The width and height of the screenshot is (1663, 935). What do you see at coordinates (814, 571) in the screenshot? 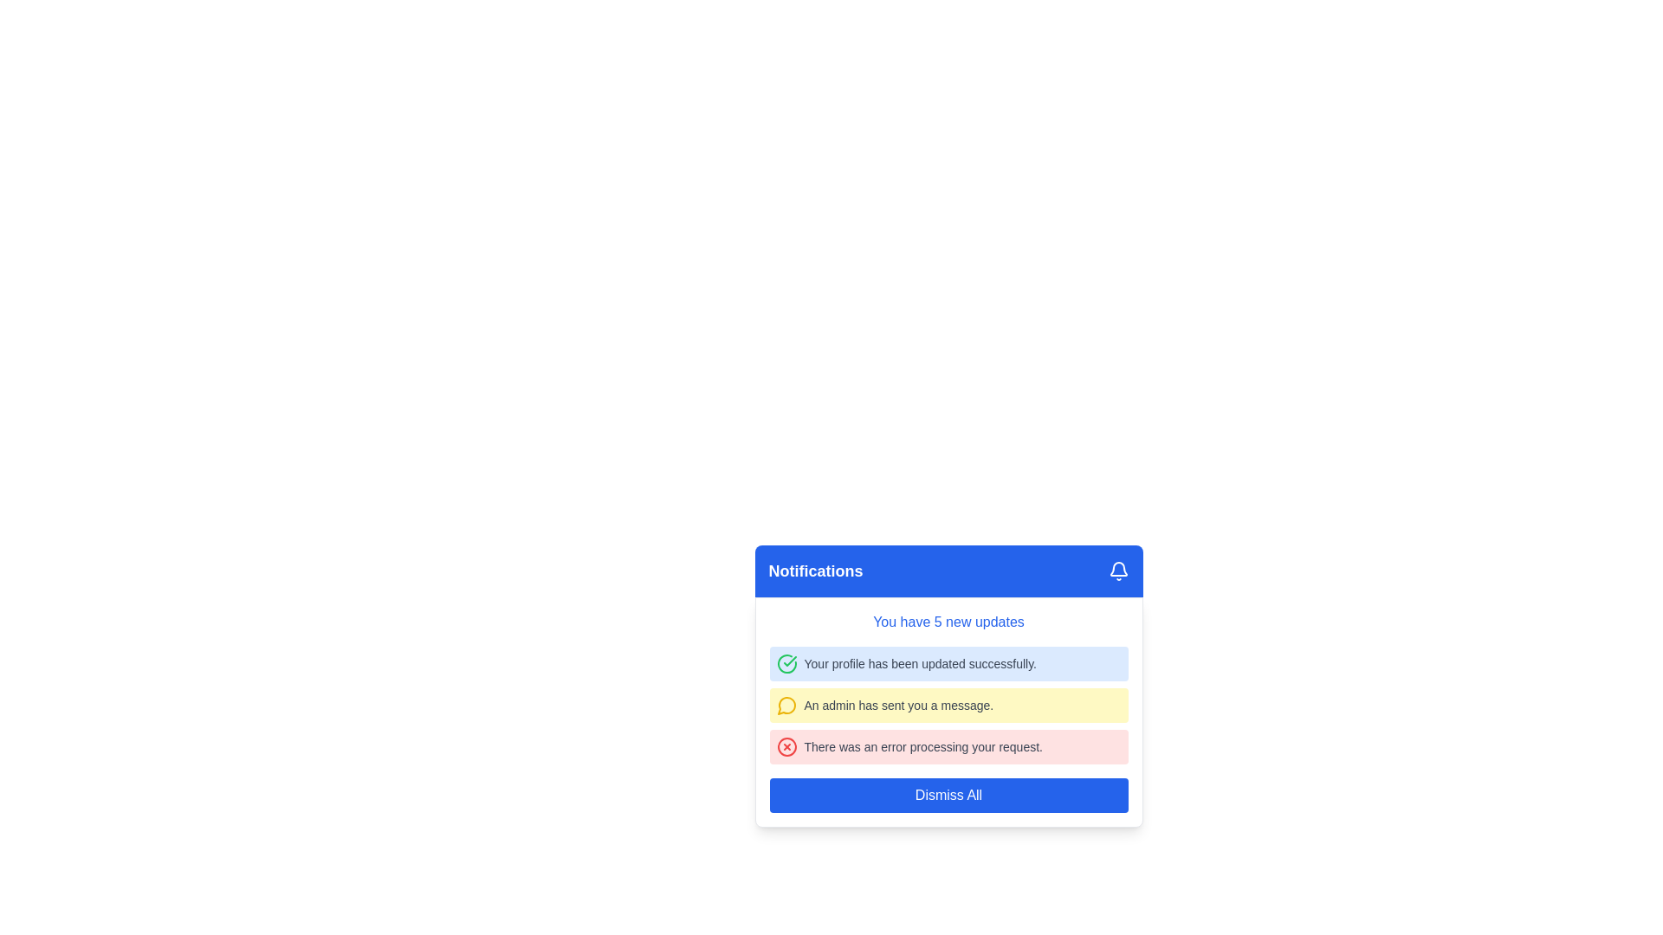
I see `the 'Notifications' text label, which is styled with a bold font on a blue background and positioned on the left in the header section of a card-like interface` at bounding box center [814, 571].